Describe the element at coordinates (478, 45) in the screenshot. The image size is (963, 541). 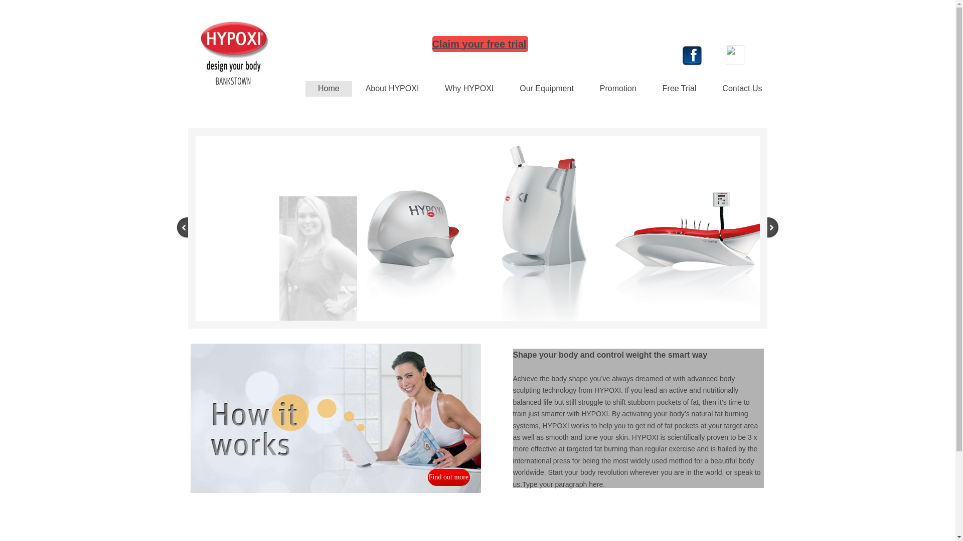
I see `'Claim your free trial'` at that location.